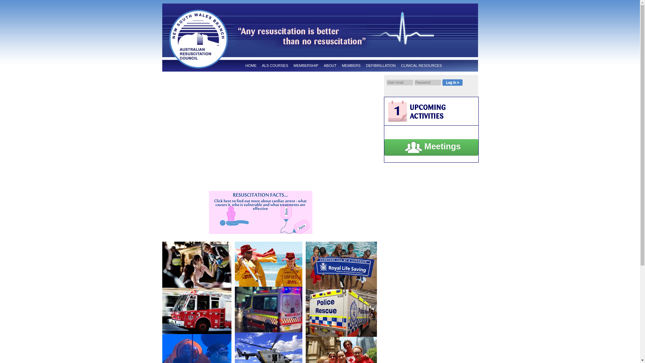 The width and height of the screenshot is (645, 363). I want to click on 'MEMBERSHIP', so click(306, 66).